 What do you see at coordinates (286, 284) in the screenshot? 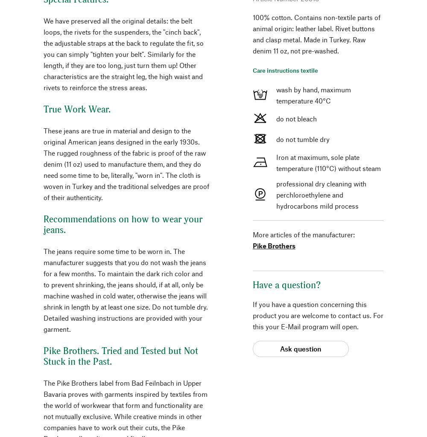
I see `'Have a question?'` at bounding box center [286, 284].